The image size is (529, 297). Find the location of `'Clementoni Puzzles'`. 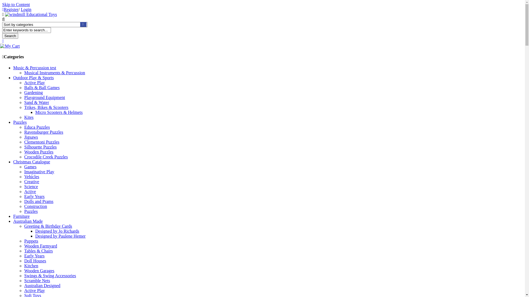

'Clementoni Puzzles' is located at coordinates (42, 142).